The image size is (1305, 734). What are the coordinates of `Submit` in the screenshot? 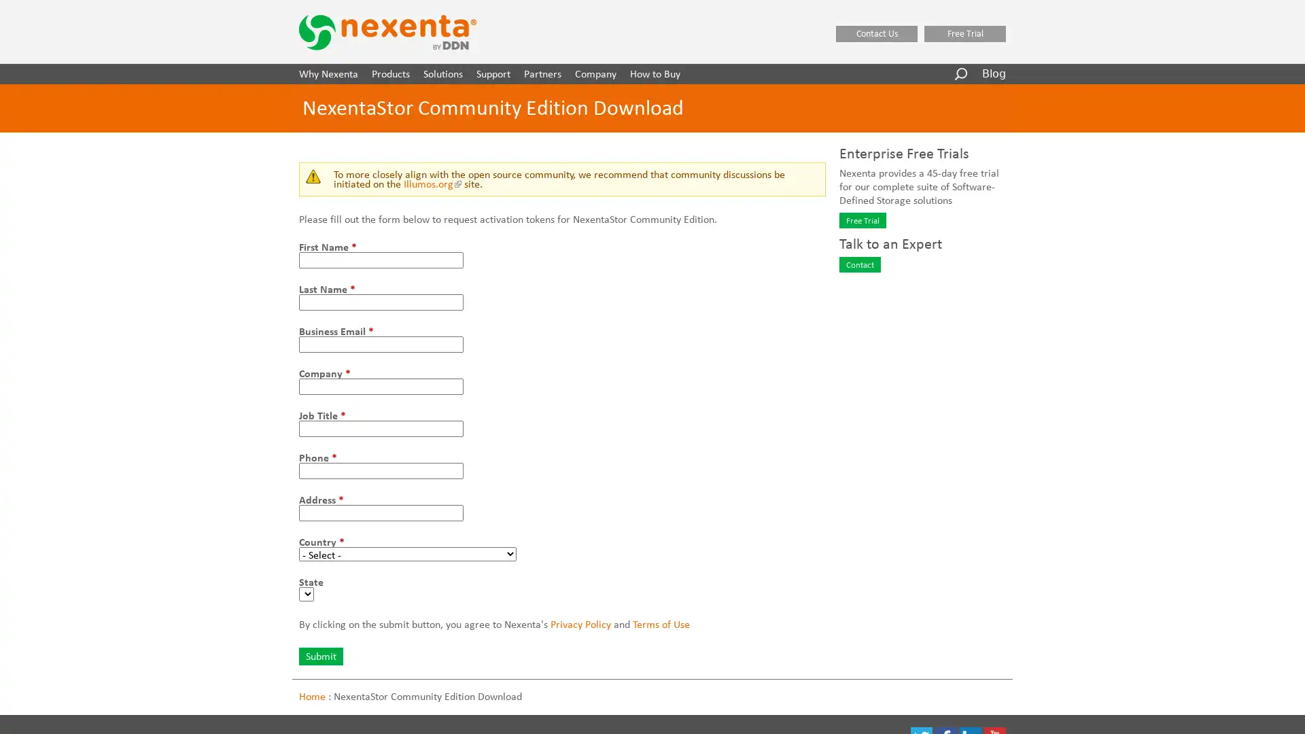 It's located at (320, 655).